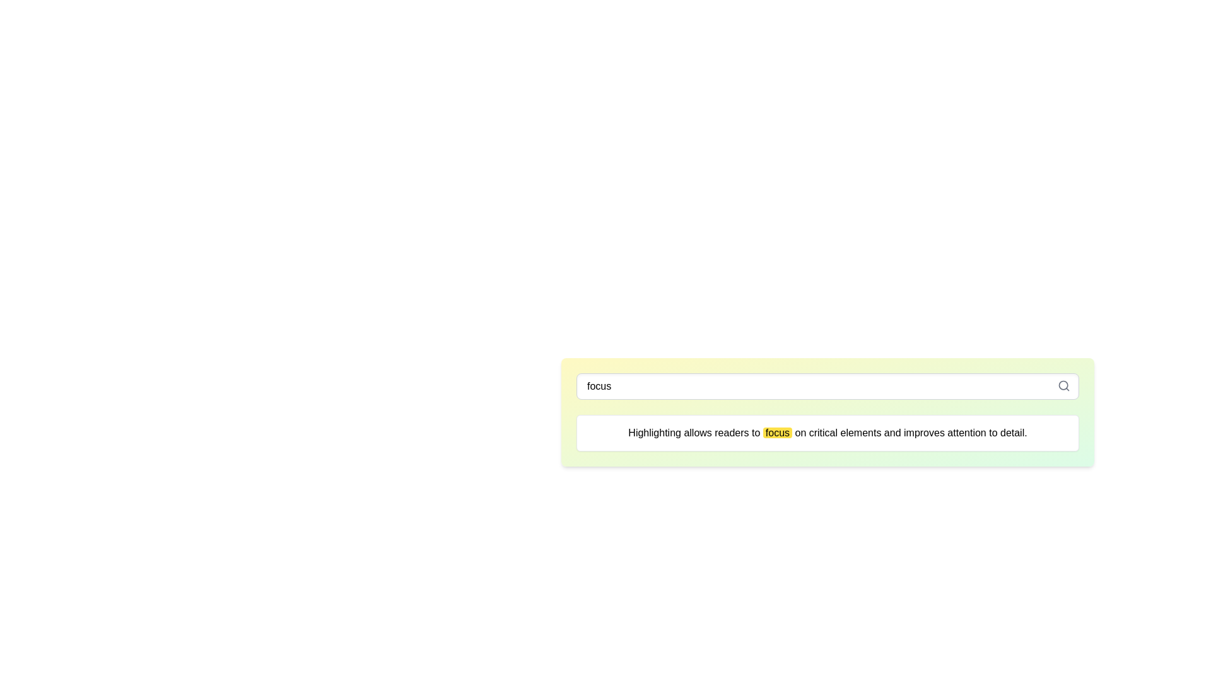  Describe the element at coordinates (710, 432) in the screenshot. I see `the highlighted text phrase 'Highlighting allows readers to focus' which is visually distinct due to the bright yellow background of the word 'focus'` at that location.